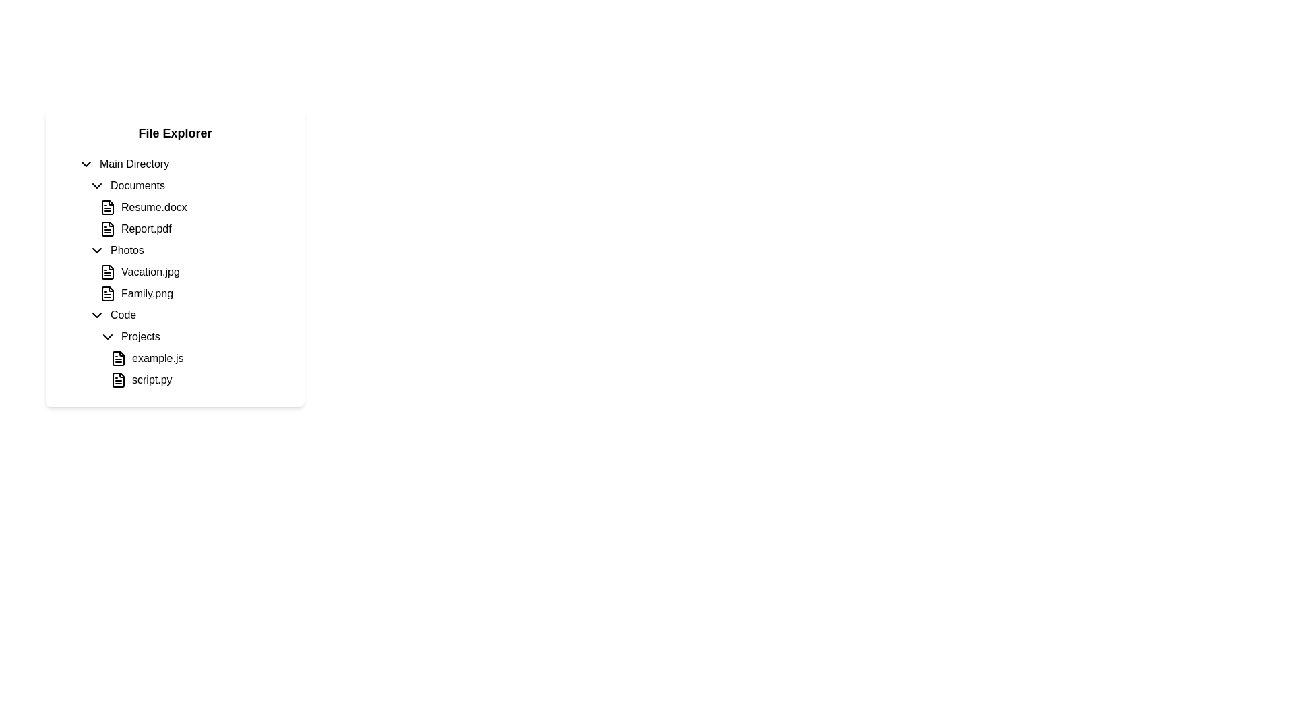 This screenshot has height=728, width=1294. Describe the element at coordinates (150, 272) in the screenshot. I see `text label displaying the filename 'Vacation.jpg' located in the 'Photos' folder of the file explorer interface` at that location.